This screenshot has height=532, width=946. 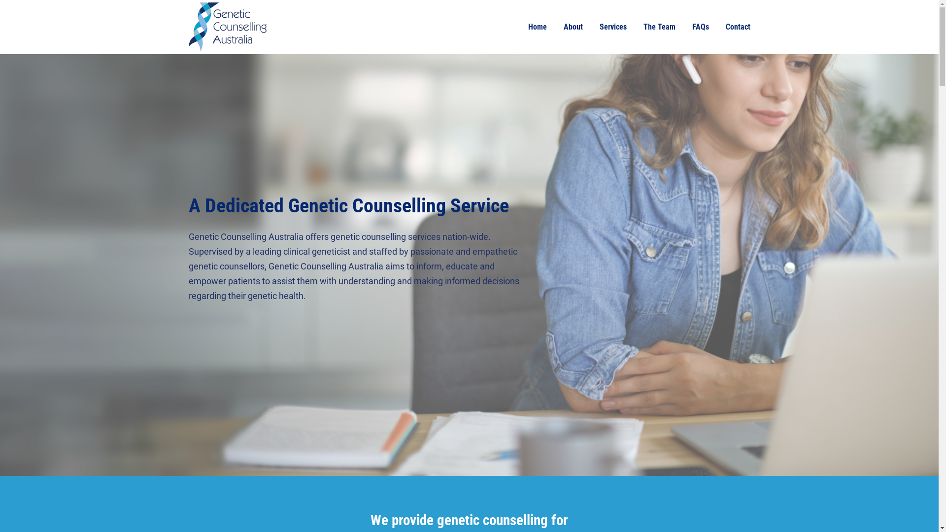 I want to click on 'FAQs', so click(x=699, y=26).